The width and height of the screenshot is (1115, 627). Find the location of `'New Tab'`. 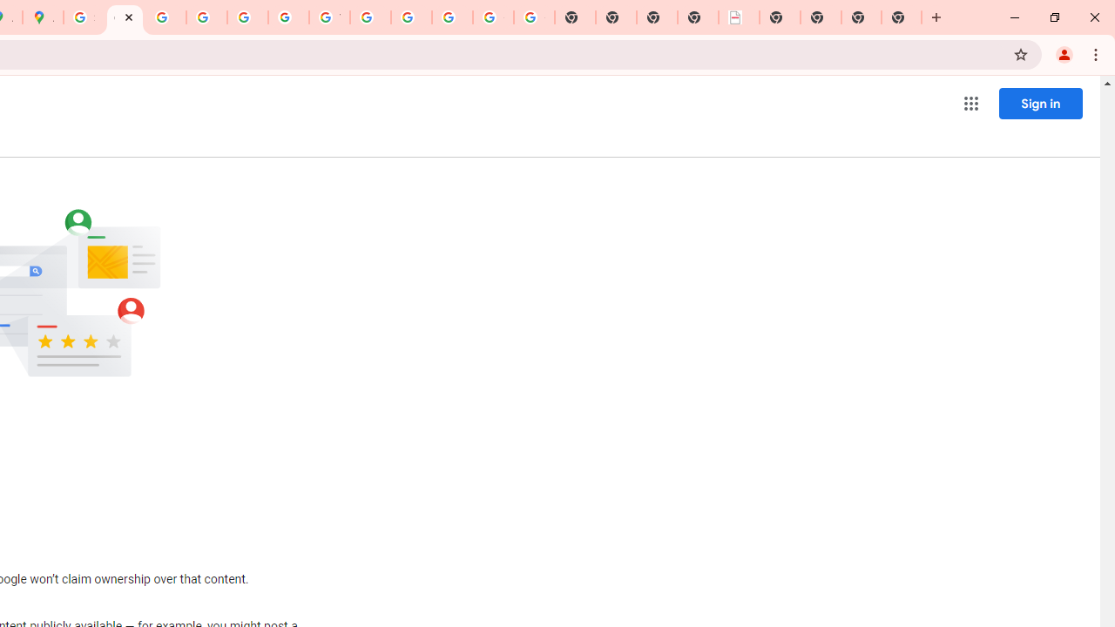

'New Tab' is located at coordinates (902, 17).